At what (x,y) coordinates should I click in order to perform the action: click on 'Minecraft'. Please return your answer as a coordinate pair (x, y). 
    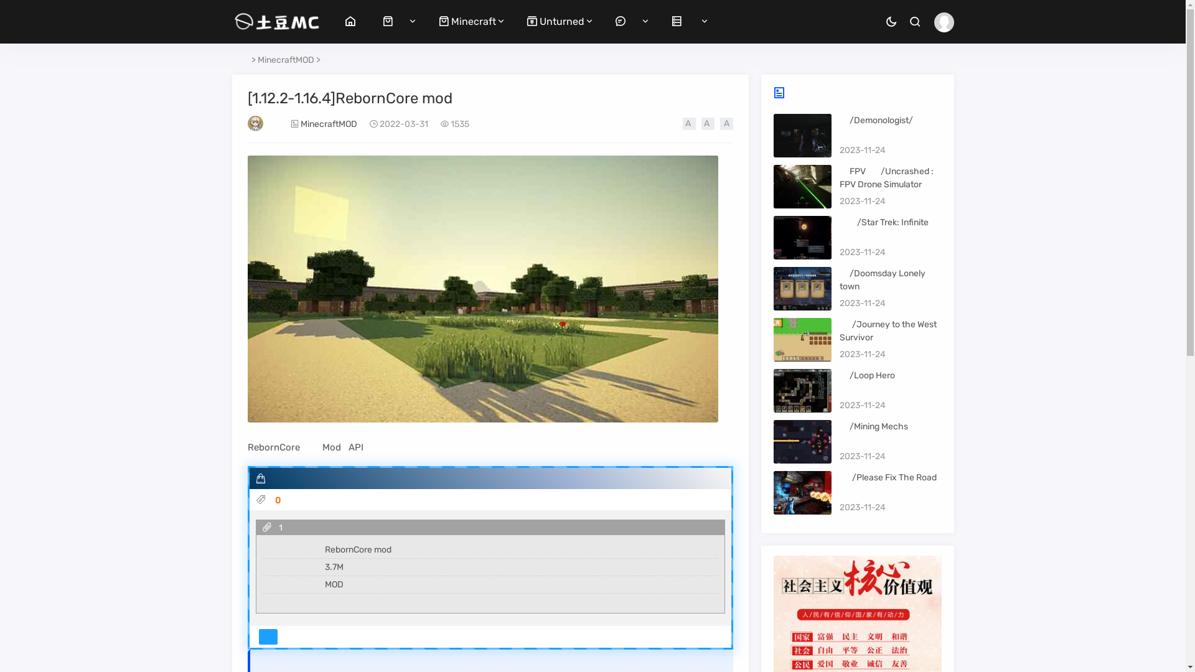
    Looking at the image, I should click on (466, 21).